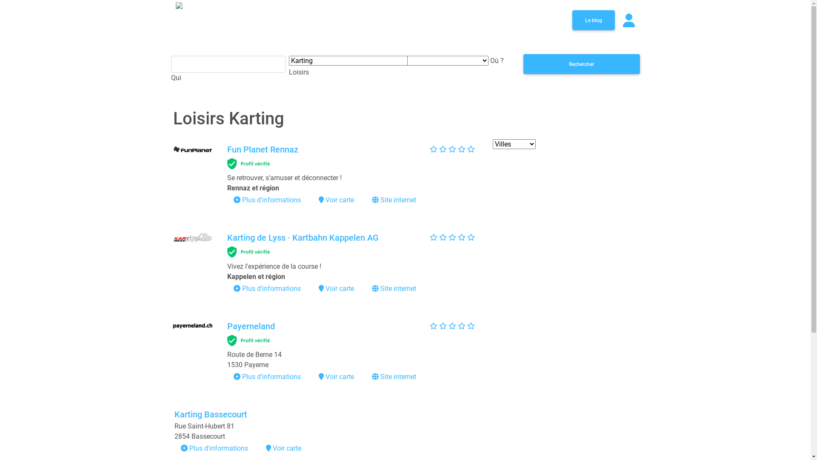 The width and height of the screenshot is (817, 460). I want to click on 'Rechercher', so click(581, 63).